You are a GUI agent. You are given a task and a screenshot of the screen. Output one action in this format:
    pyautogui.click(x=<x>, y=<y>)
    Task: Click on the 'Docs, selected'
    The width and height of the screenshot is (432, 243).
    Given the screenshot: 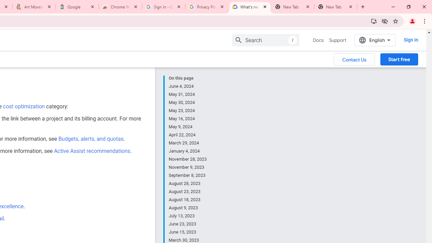 What is the action you would take?
    pyautogui.click(x=318, y=40)
    